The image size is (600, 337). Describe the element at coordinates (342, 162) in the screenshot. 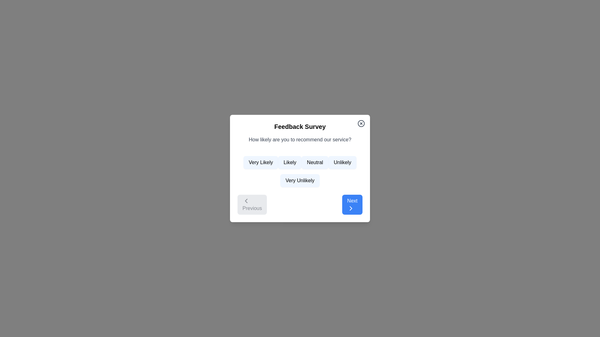

I see `the 'Unlikely' button, which is the fourth button in a group of feedback options` at that location.